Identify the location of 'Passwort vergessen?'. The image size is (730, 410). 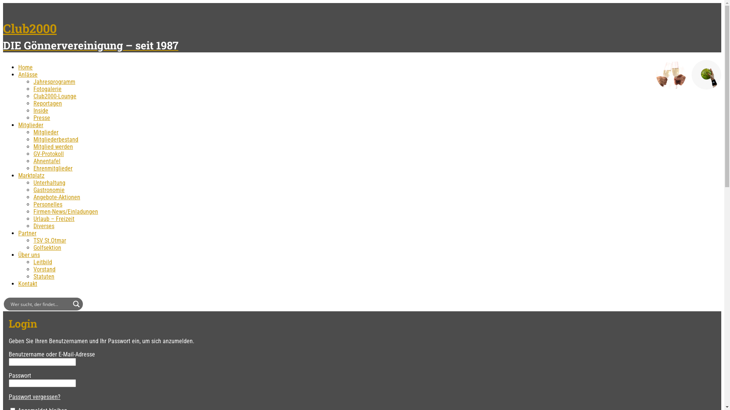
(34, 396).